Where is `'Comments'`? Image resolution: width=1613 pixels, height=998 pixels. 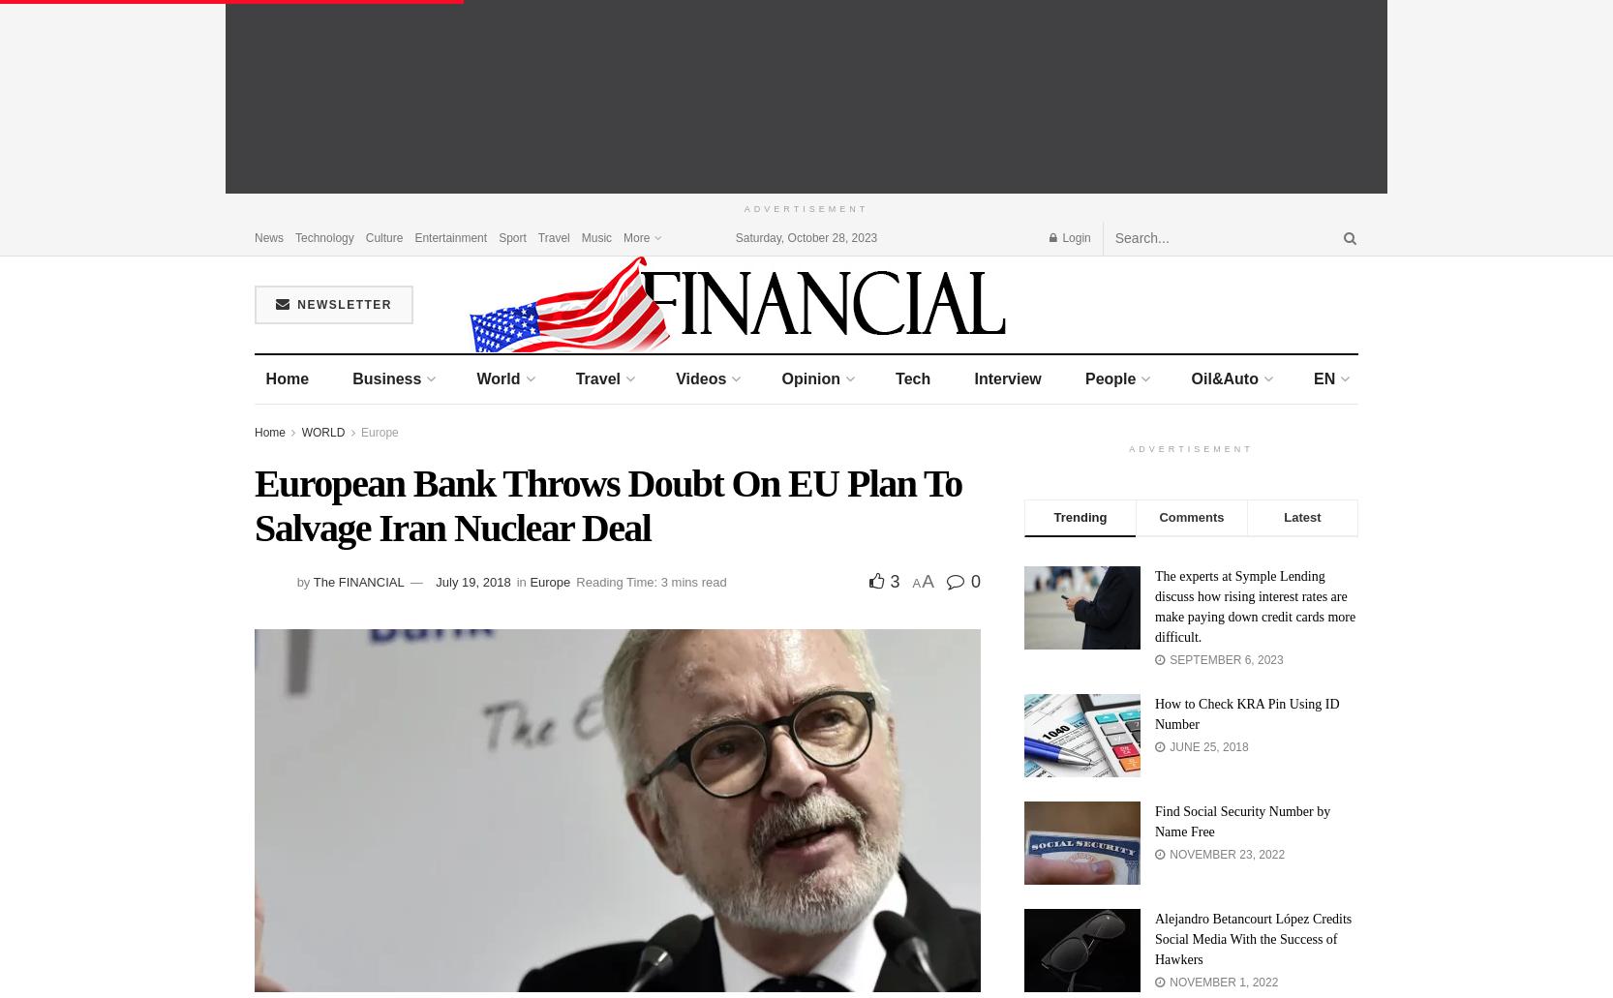 'Comments' is located at coordinates (1191, 516).